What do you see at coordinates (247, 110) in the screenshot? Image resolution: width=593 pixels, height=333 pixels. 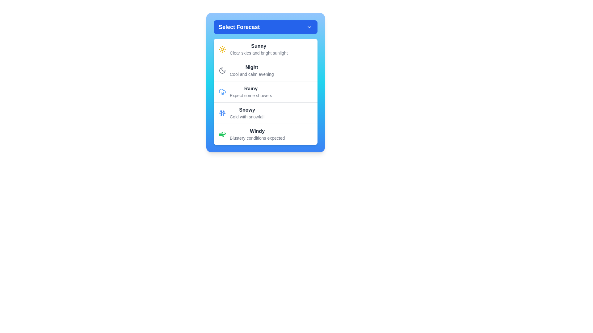 I see `the 'Snowy' option` at bounding box center [247, 110].